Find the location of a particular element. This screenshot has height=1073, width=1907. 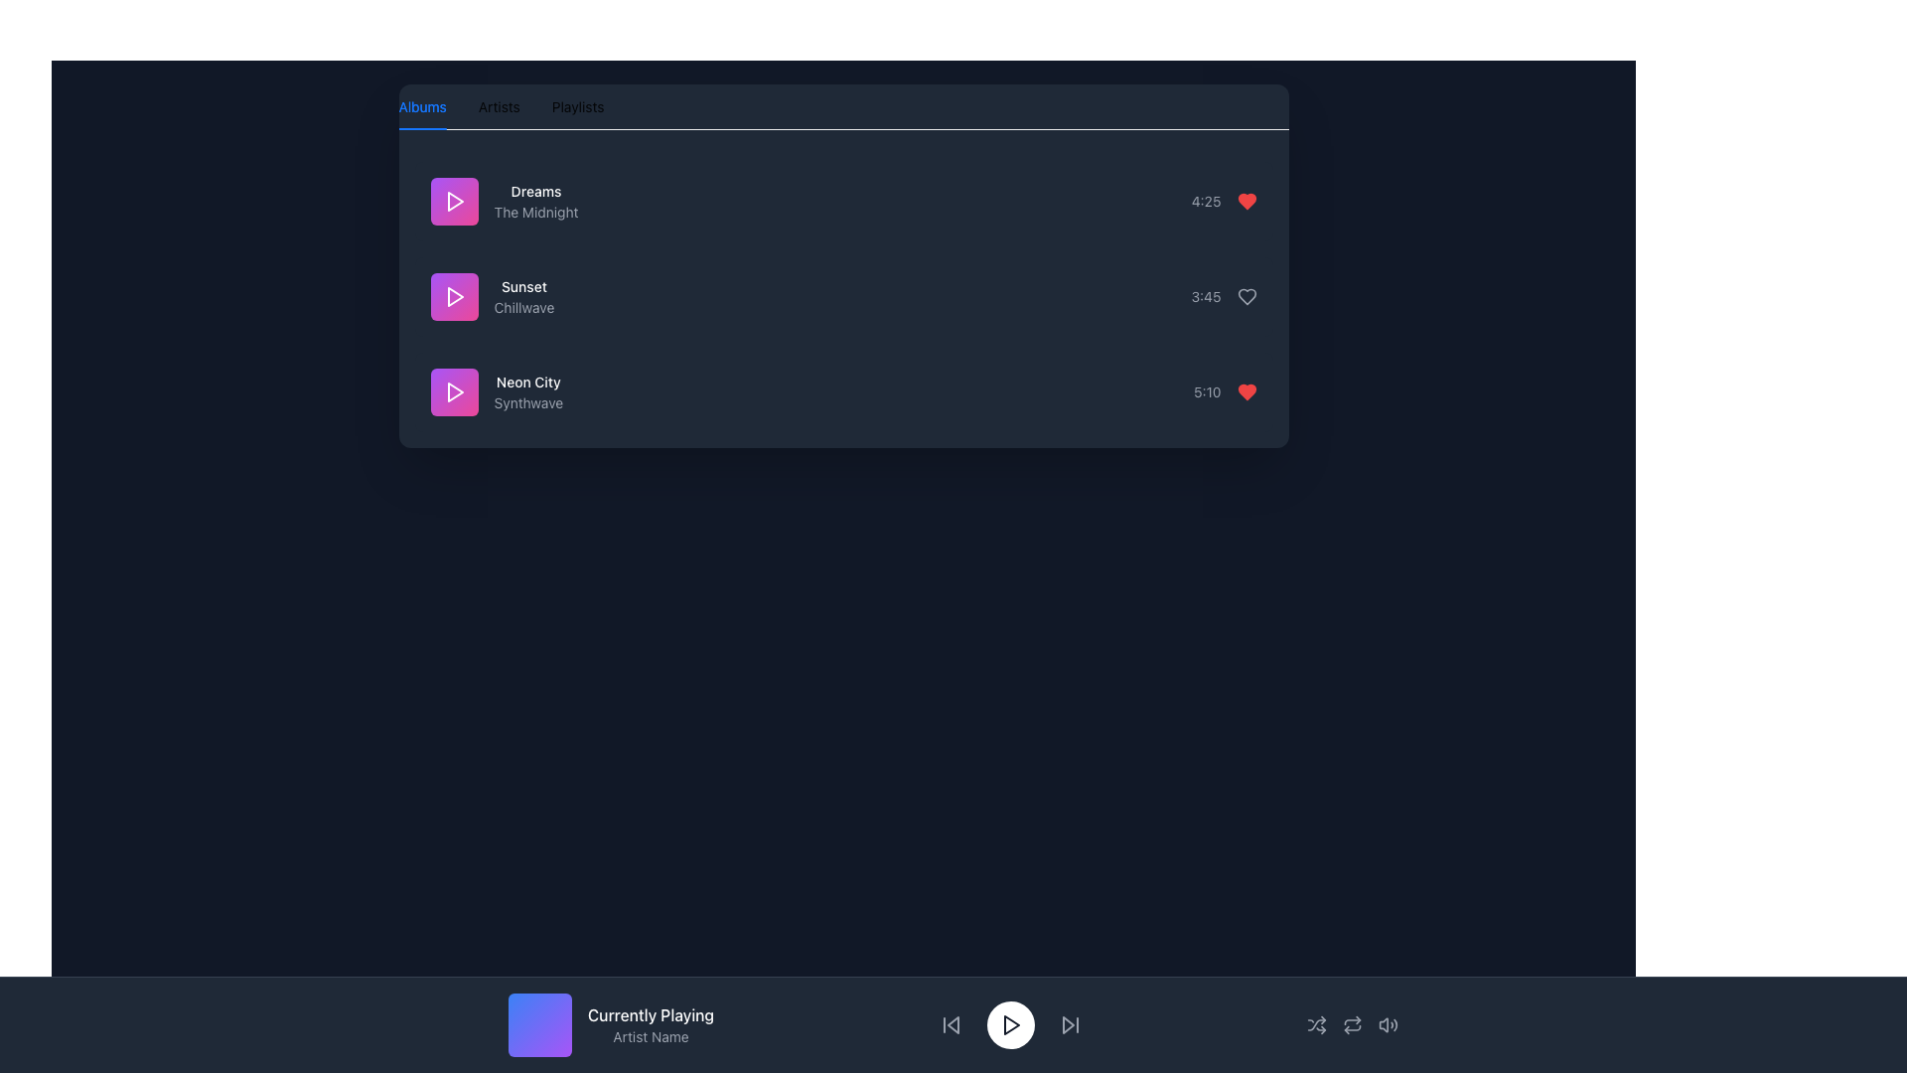

the text display component showing 'Dreams' above 'The Midnight' is located at coordinates (505, 202).